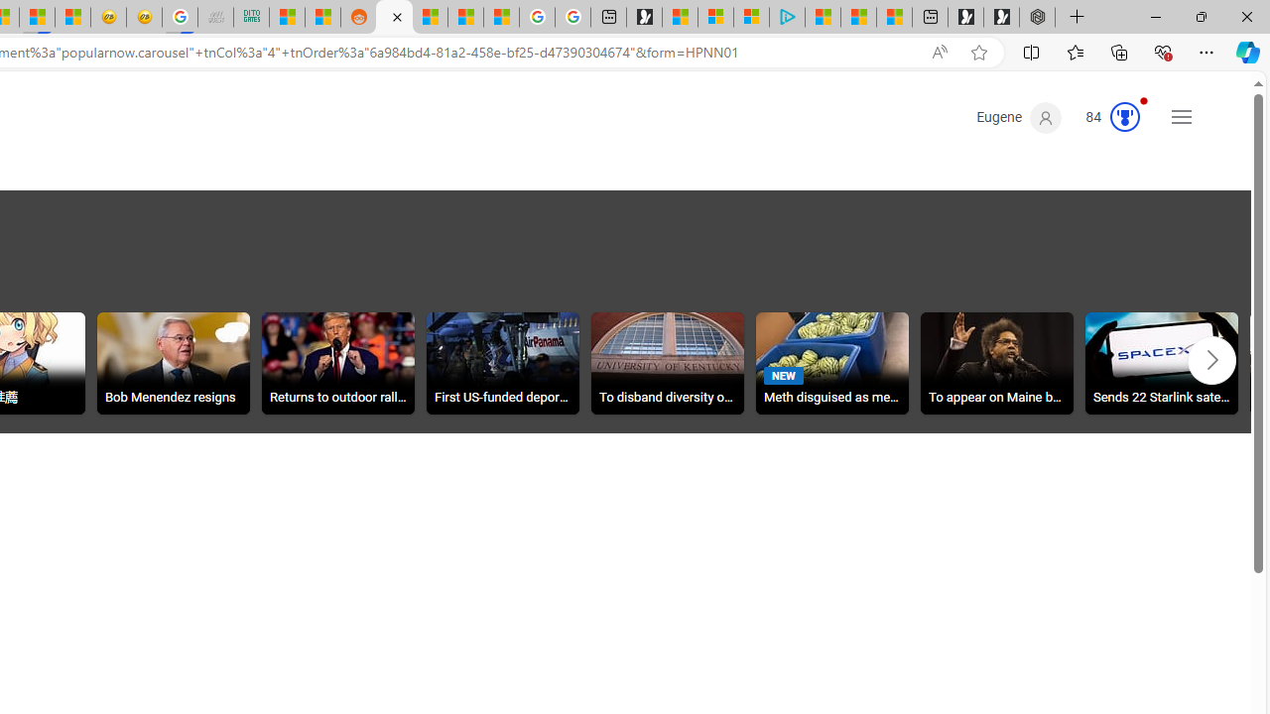 The height and width of the screenshot is (714, 1270). What do you see at coordinates (502, 366) in the screenshot?
I see `'First US-funded deportation'` at bounding box center [502, 366].